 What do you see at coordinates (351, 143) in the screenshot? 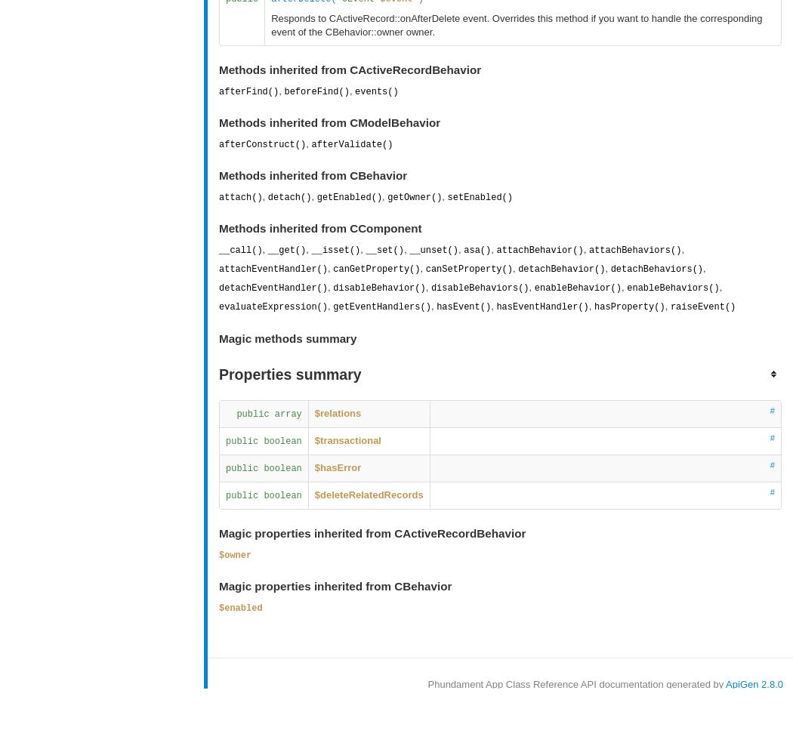
I see `'afterValidate()'` at bounding box center [351, 143].